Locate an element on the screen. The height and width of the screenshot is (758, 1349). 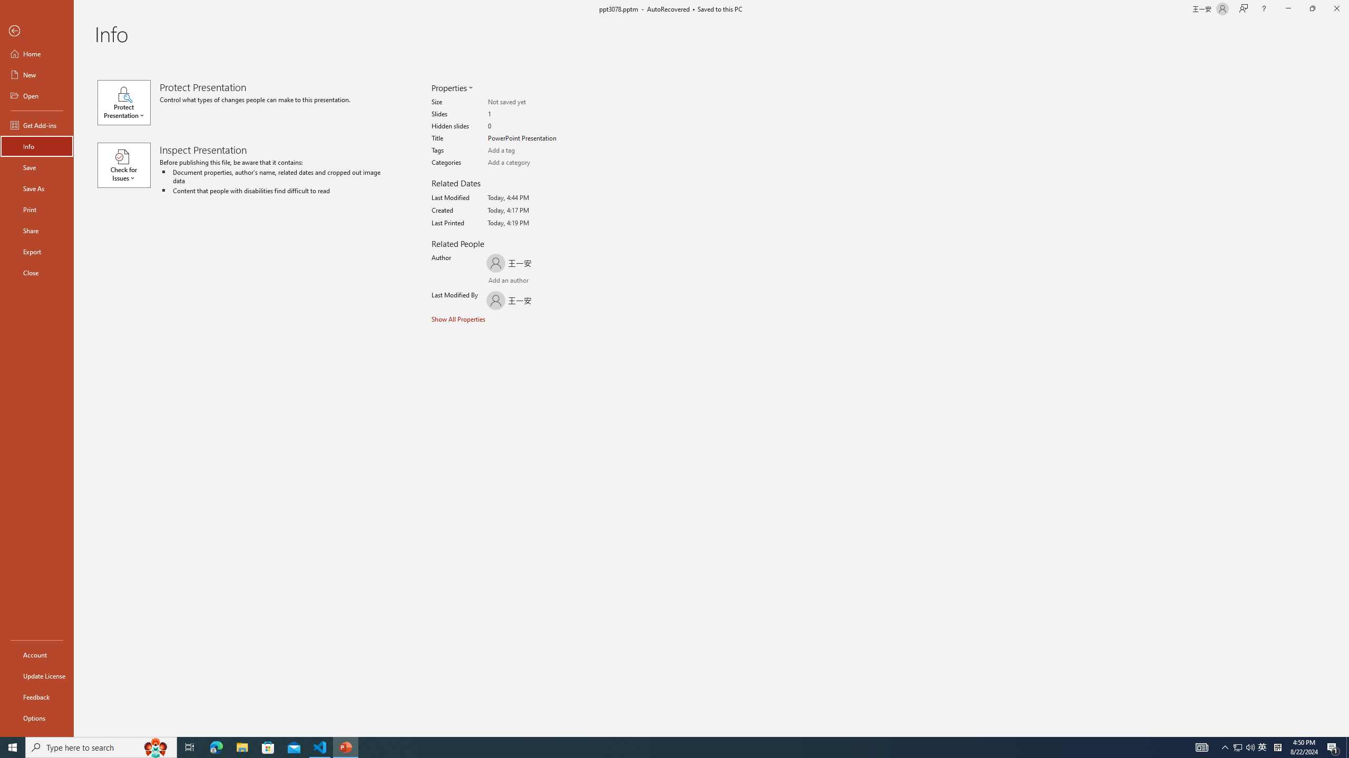
'Update License' is located at coordinates (36, 675).